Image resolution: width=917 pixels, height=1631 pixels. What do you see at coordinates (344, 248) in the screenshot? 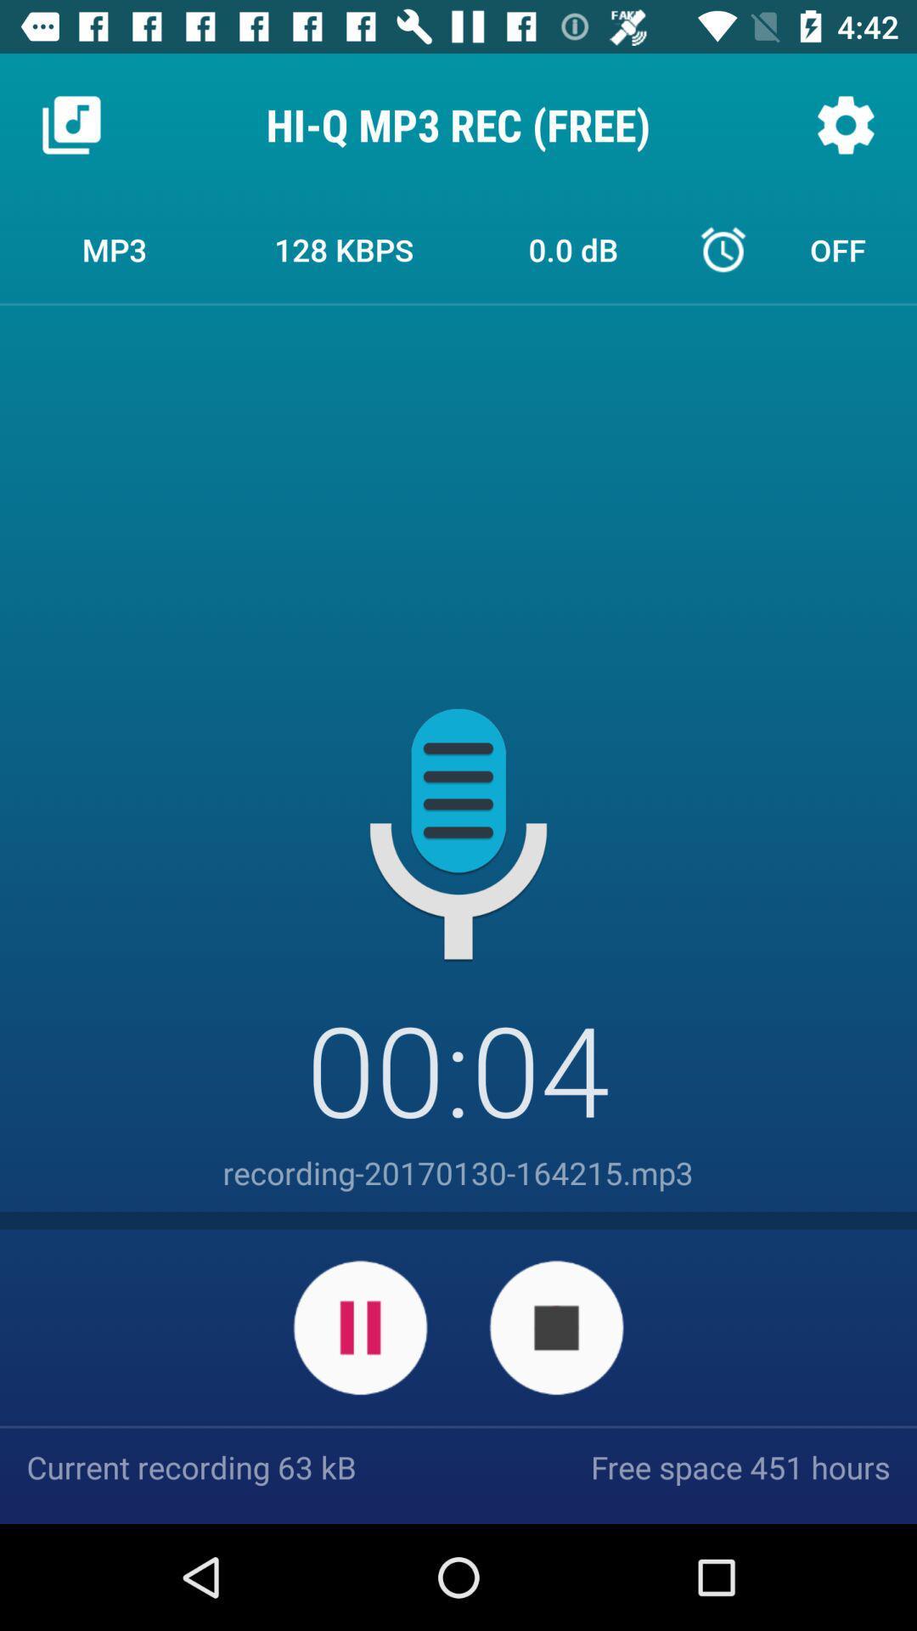
I see `128 kbps icon` at bounding box center [344, 248].